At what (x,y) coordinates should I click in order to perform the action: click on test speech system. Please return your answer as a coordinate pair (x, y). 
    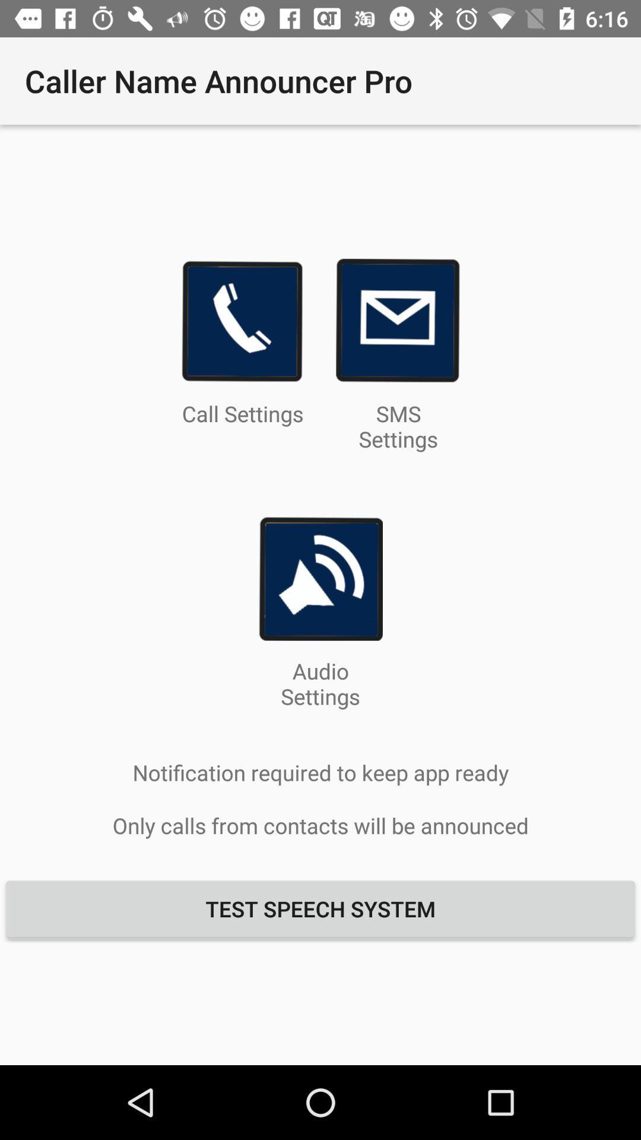
    Looking at the image, I should click on (320, 908).